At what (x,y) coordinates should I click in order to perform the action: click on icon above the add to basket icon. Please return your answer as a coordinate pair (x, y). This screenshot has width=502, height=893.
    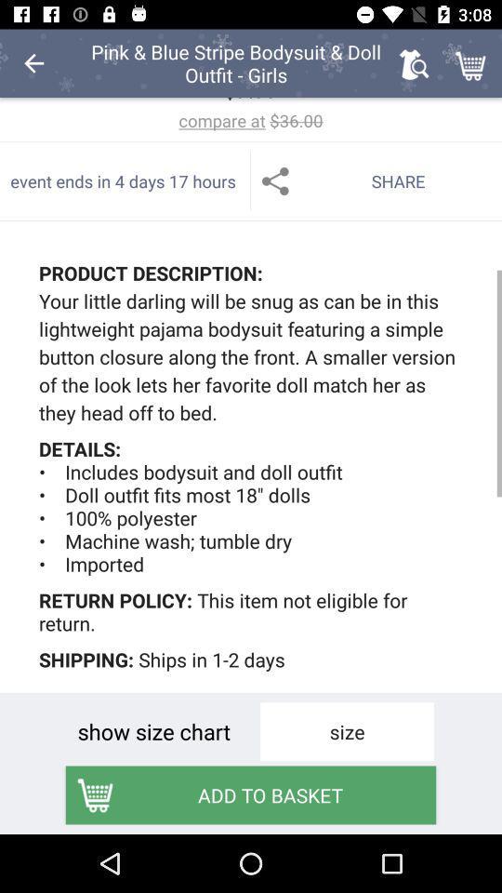
    Looking at the image, I should click on (152, 731).